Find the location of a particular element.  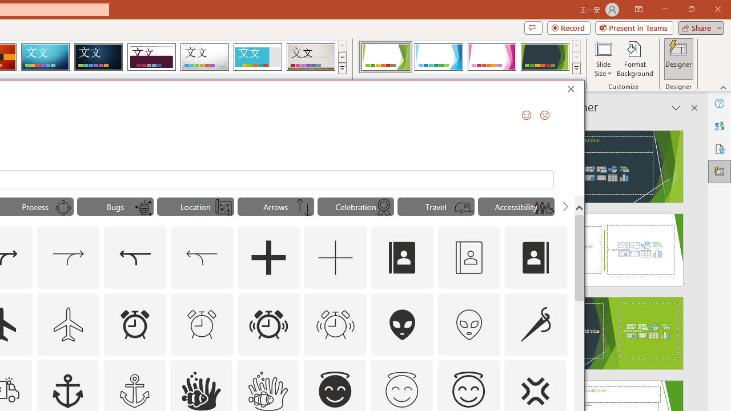

'AutomationID: Icons_TreasureMap_M' is located at coordinates (223, 208).